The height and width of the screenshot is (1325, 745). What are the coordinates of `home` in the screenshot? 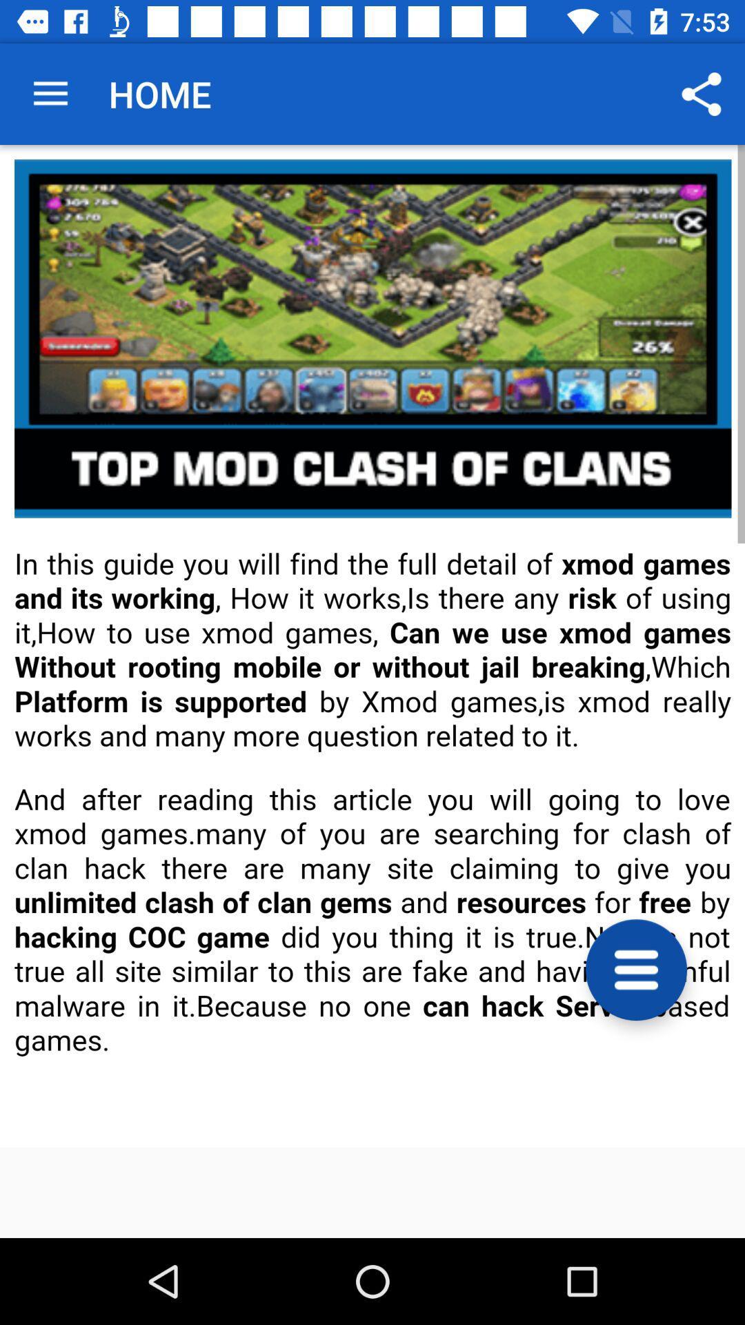 It's located at (372, 645).